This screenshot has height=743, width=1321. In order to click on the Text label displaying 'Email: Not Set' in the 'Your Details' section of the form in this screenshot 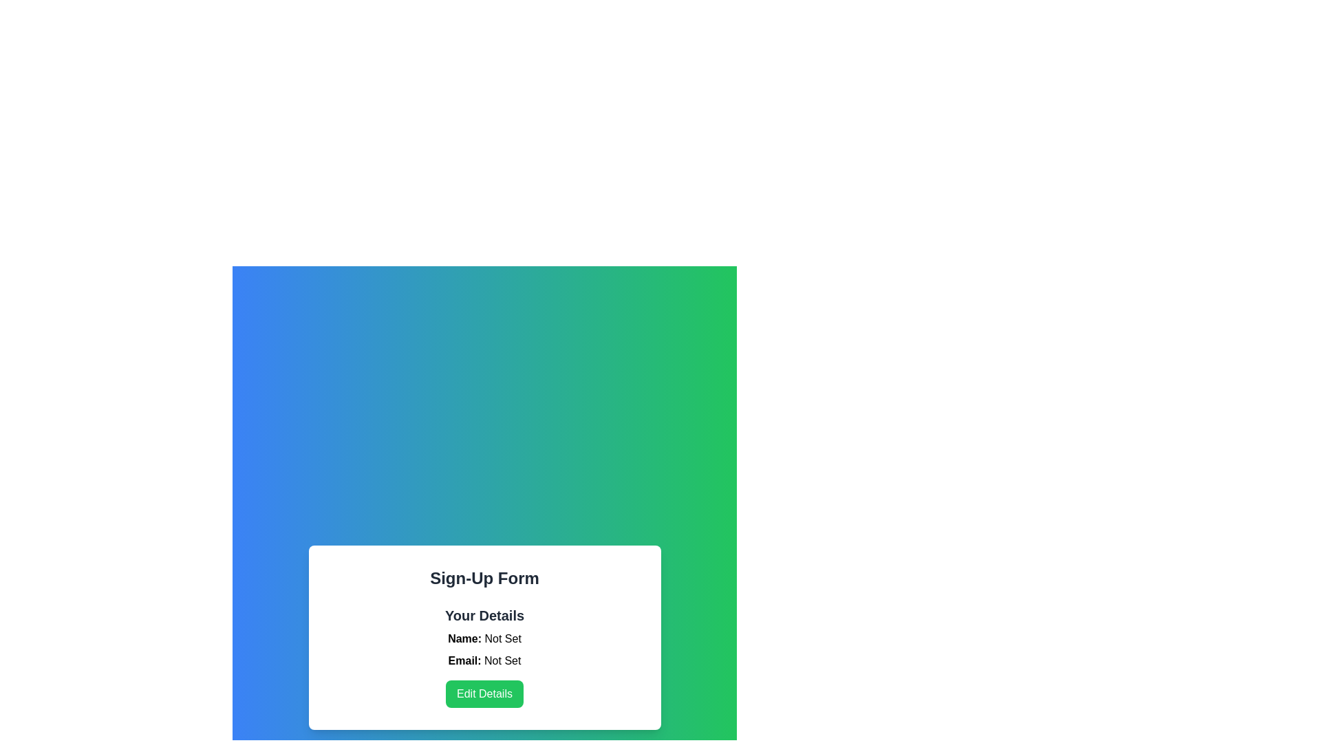, I will do `click(484, 660)`.